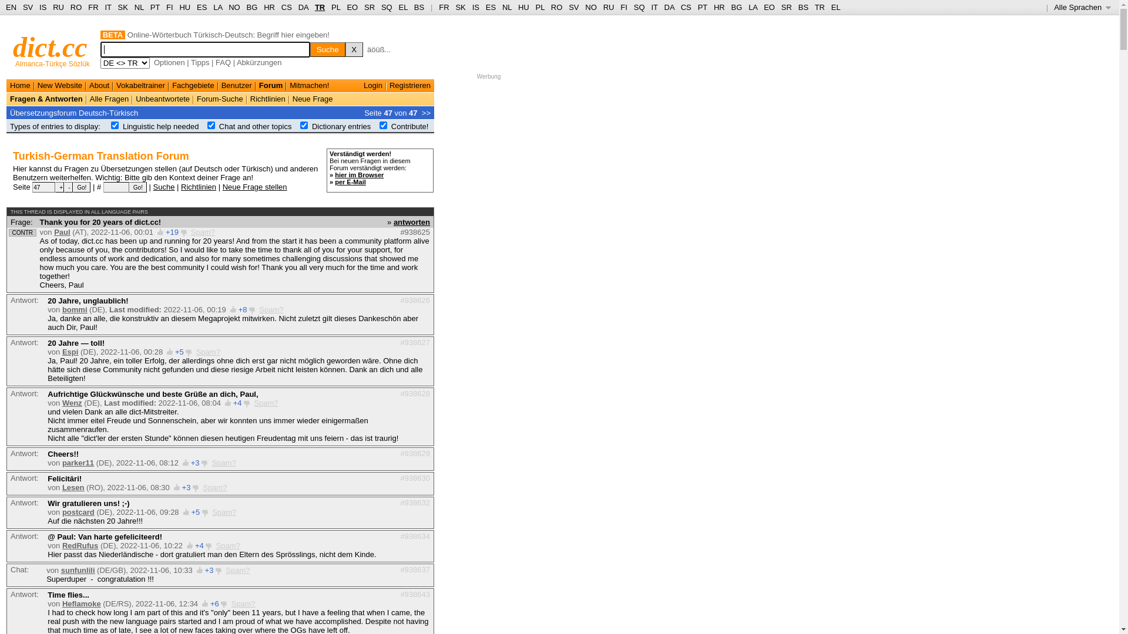 The width and height of the screenshot is (1128, 634). I want to click on '>>', so click(425, 112).